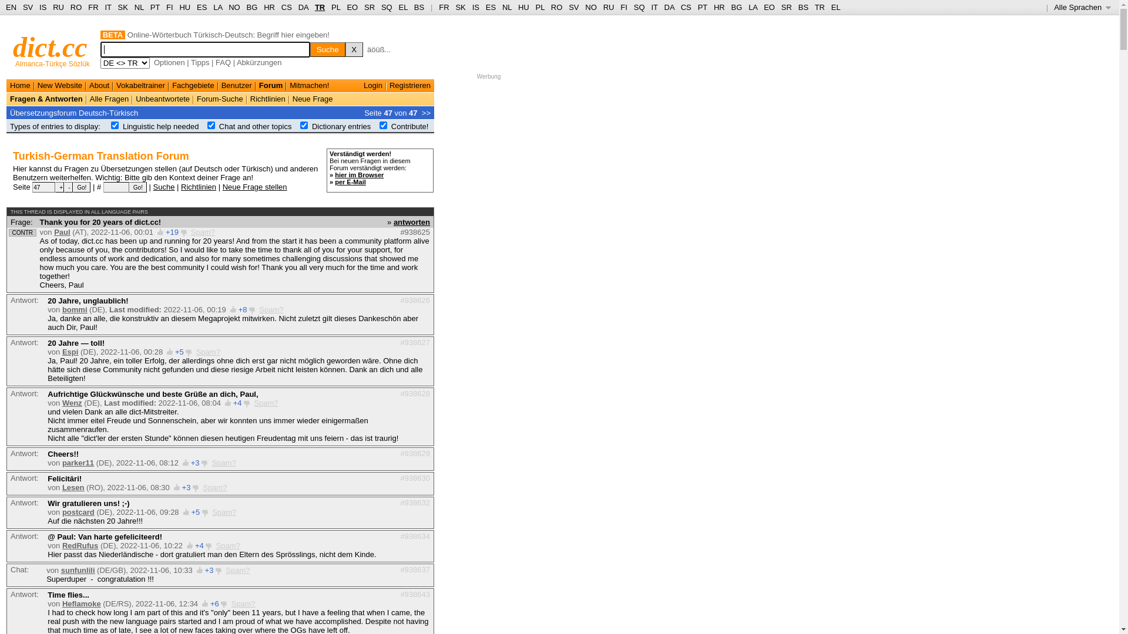 The width and height of the screenshot is (1128, 634). I want to click on '>>', so click(425, 112).